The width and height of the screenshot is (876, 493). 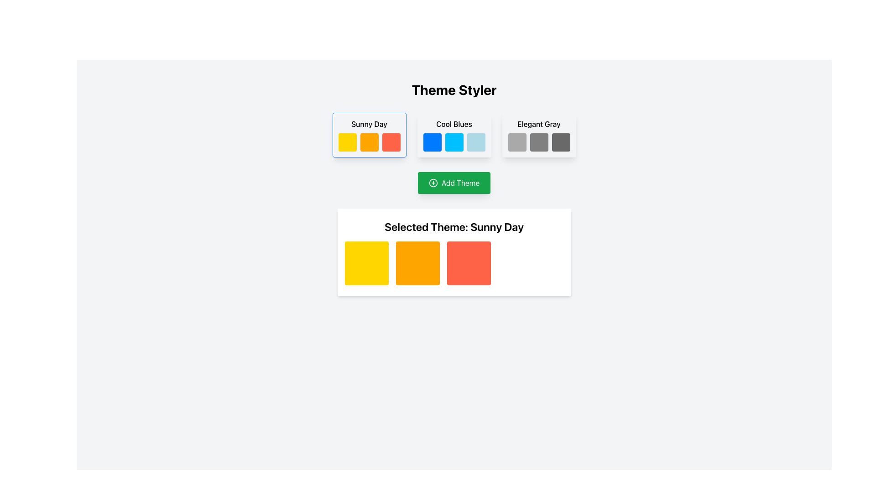 I want to click on the icon located inside the green button labeled 'Add Theme', which indicates the addition of a new theme, so click(x=433, y=183).